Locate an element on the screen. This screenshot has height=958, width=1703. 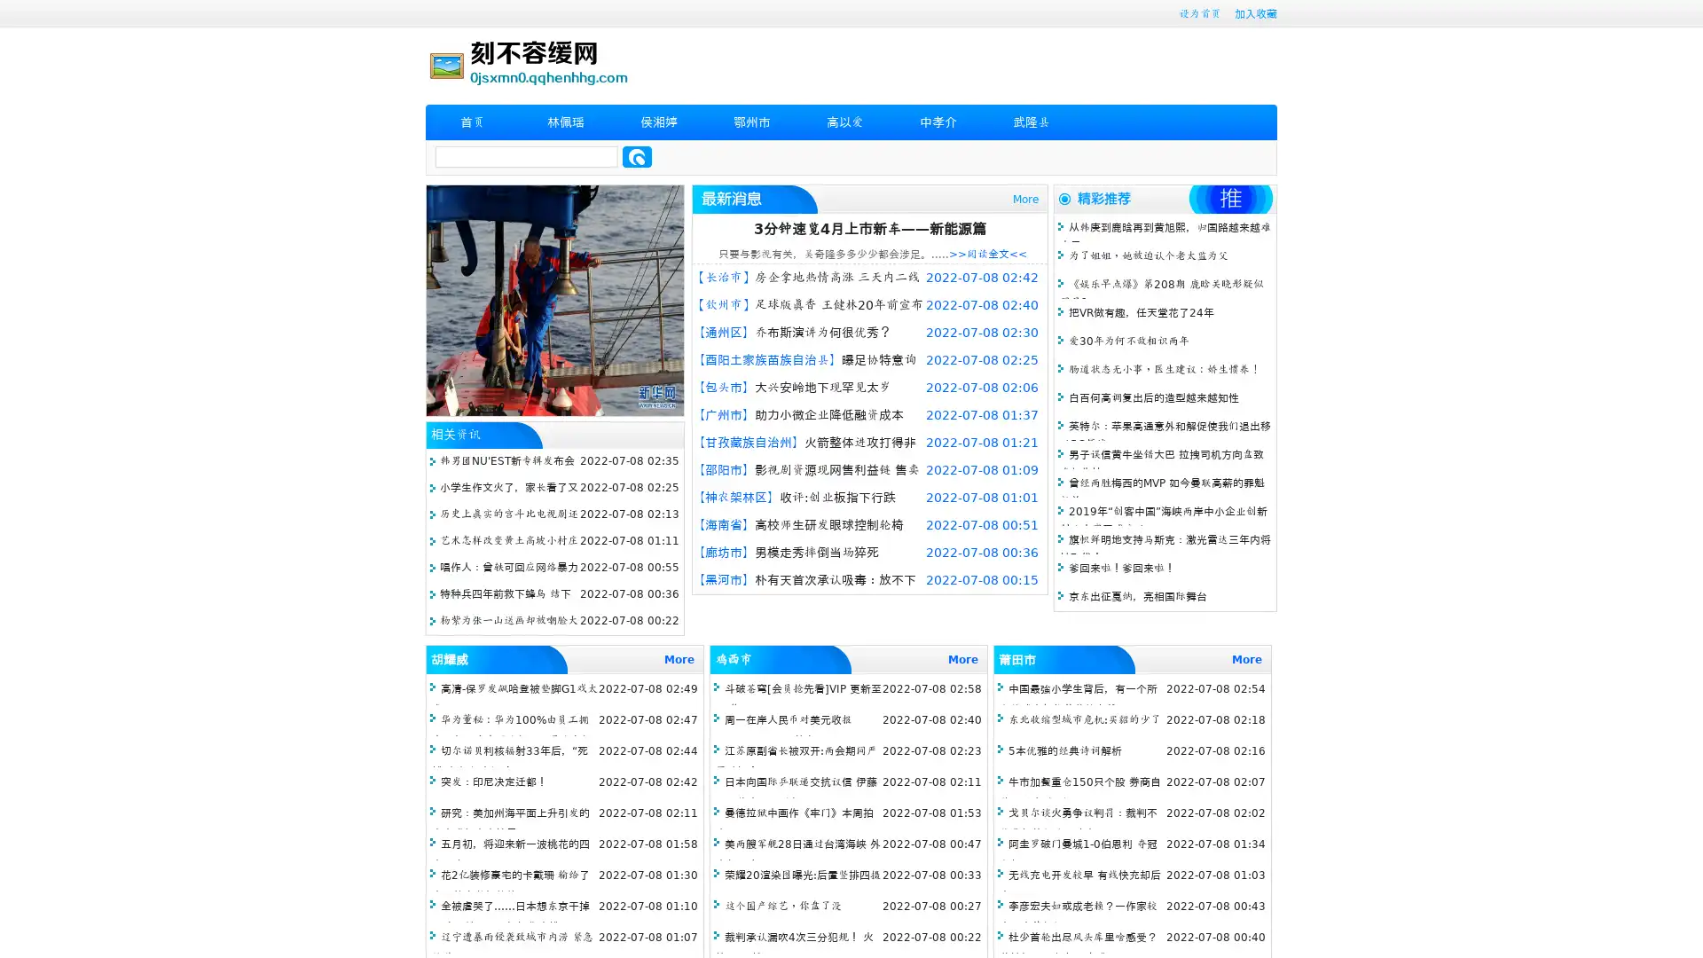
Search is located at coordinates (637, 156).